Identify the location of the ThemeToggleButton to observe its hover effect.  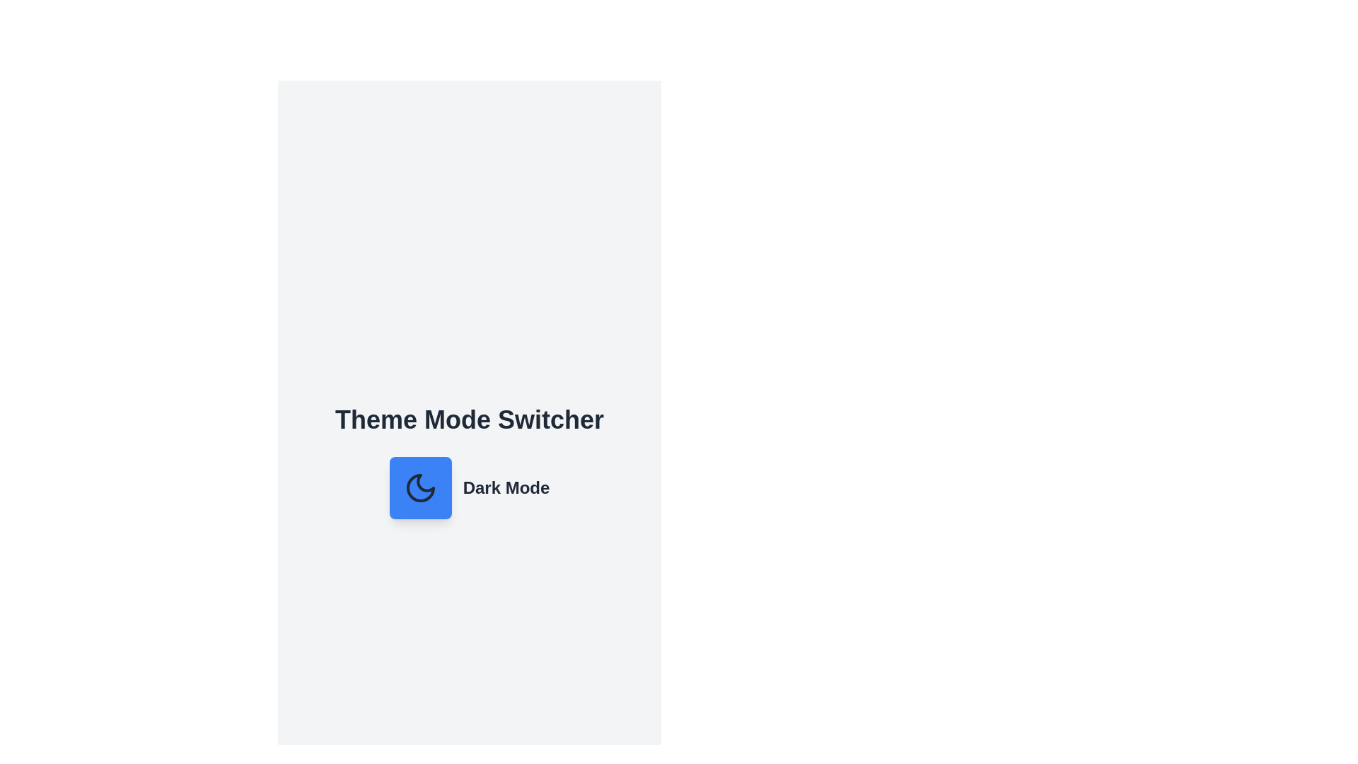
(419, 487).